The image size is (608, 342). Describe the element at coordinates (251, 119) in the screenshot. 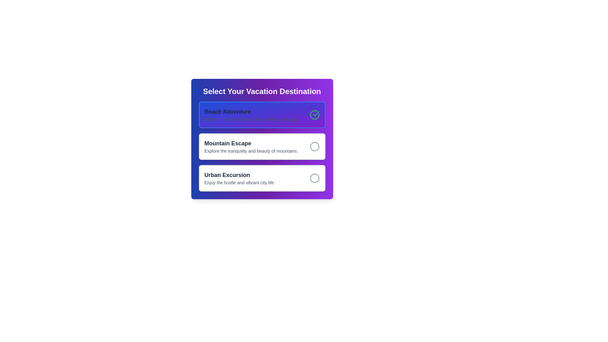

I see `the descriptive Static Text element located beneath the heading 'Beach Adventure' in the vacation selection interface` at that location.